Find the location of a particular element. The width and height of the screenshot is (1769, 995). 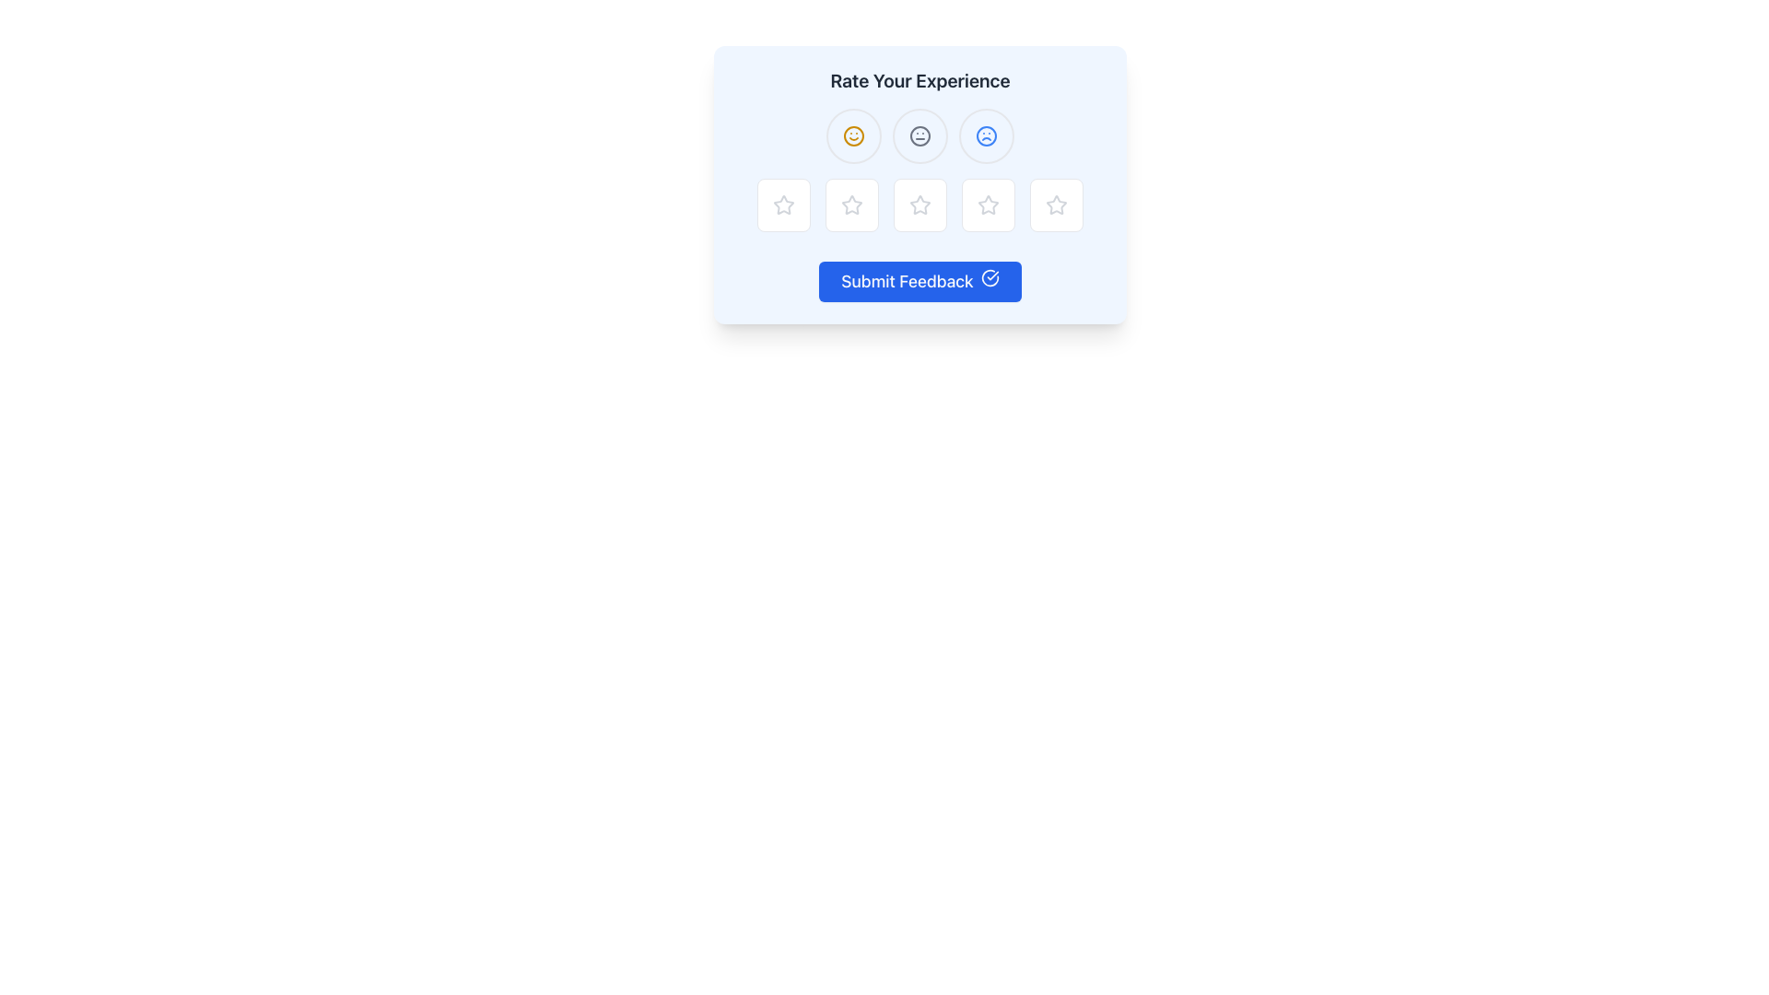

the third Rating star icon in the horizontal row is located at coordinates (920, 205).